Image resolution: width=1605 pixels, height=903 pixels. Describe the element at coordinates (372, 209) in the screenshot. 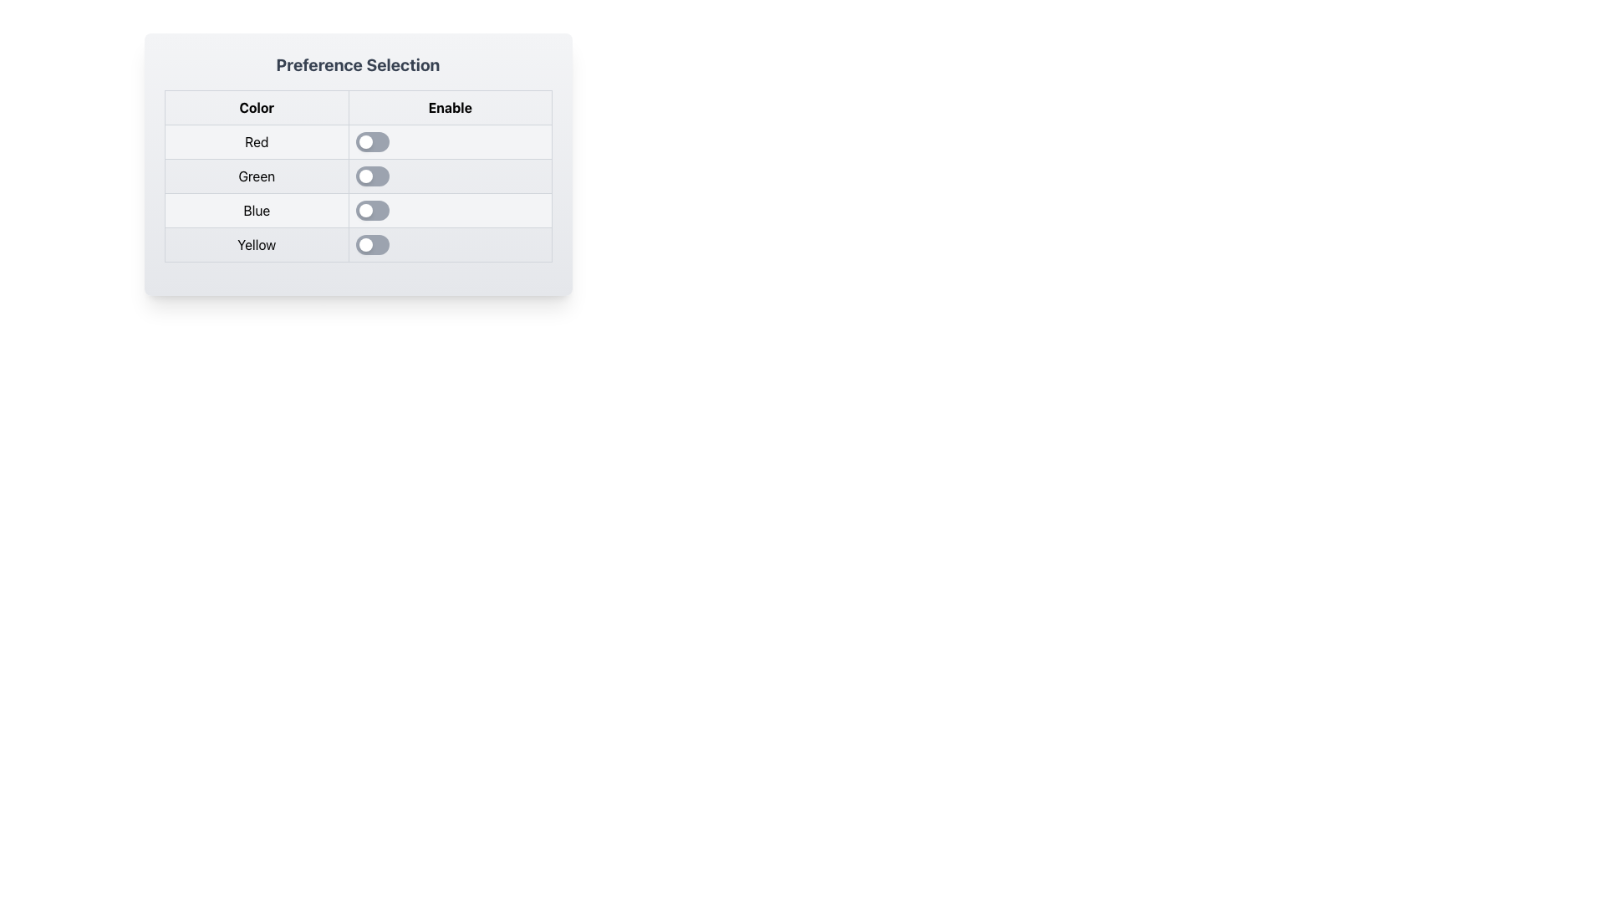

I see `the knob of the toggle switch located in the third row under the 'Enable' column` at that location.